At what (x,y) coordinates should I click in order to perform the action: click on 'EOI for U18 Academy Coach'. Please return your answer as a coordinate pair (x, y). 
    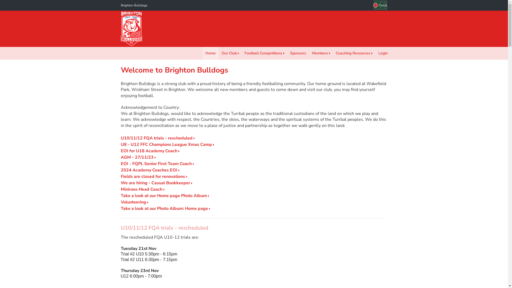
    Looking at the image, I should click on (149, 151).